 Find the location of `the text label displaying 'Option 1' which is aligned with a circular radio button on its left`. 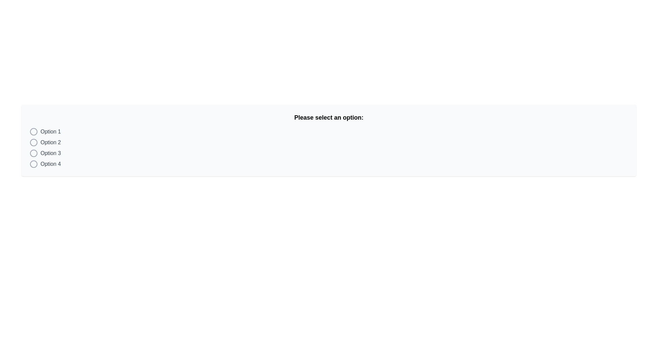

the text label displaying 'Option 1' which is aligned with a circular radio button on its left is located at coordinates (50, 131).